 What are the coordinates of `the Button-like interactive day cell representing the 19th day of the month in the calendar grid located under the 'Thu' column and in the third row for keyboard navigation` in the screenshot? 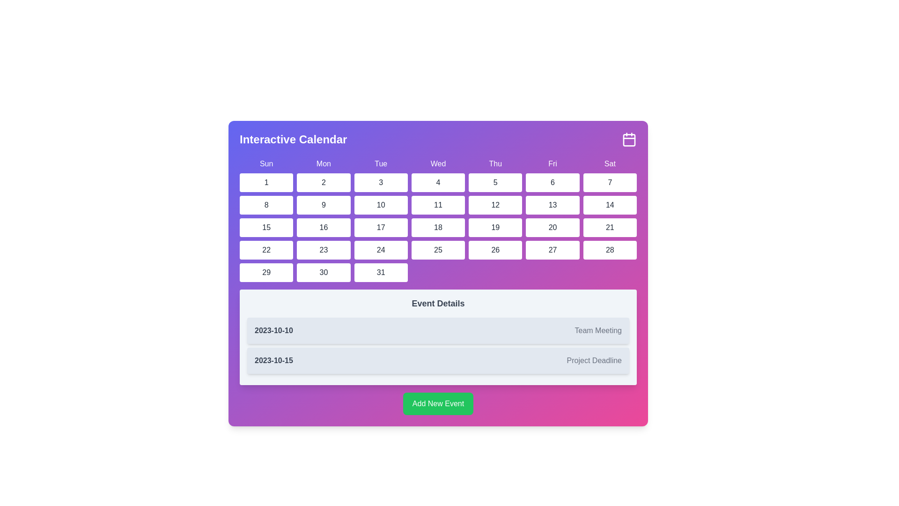 It's located at (495, 228).